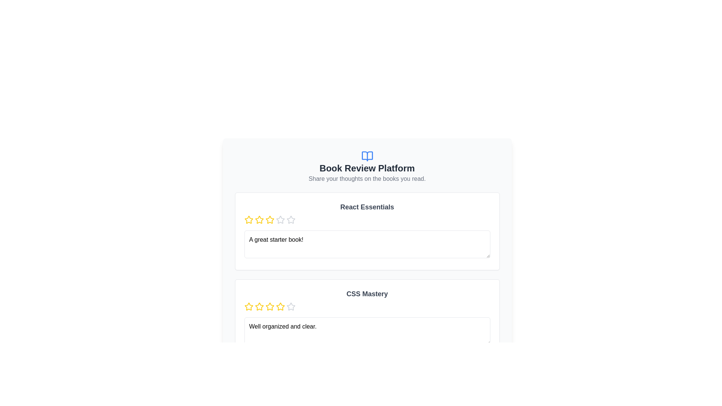 The width and height of the screenshot is (722, 406). What do you see at coordinates (367, 179) in the screenshot?
I see `the text label that reads 'Share your thoughts on the books you read.', which is styled in gray and positioned below the title 'Book Review Platform'` at bounding box center [367, 179].